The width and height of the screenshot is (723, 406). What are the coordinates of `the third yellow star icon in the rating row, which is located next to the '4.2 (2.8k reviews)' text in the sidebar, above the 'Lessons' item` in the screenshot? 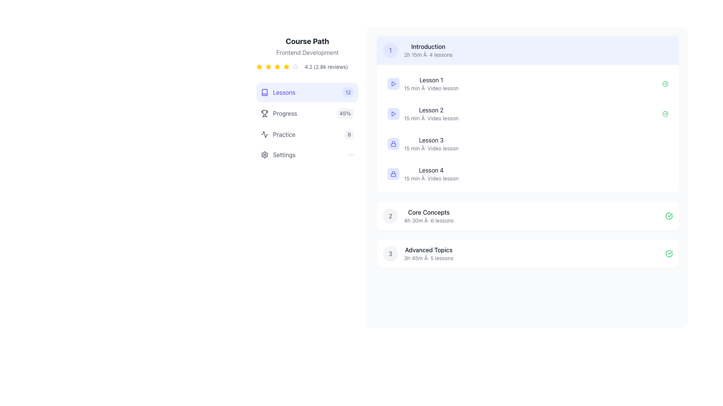 It's located at (268, 66).